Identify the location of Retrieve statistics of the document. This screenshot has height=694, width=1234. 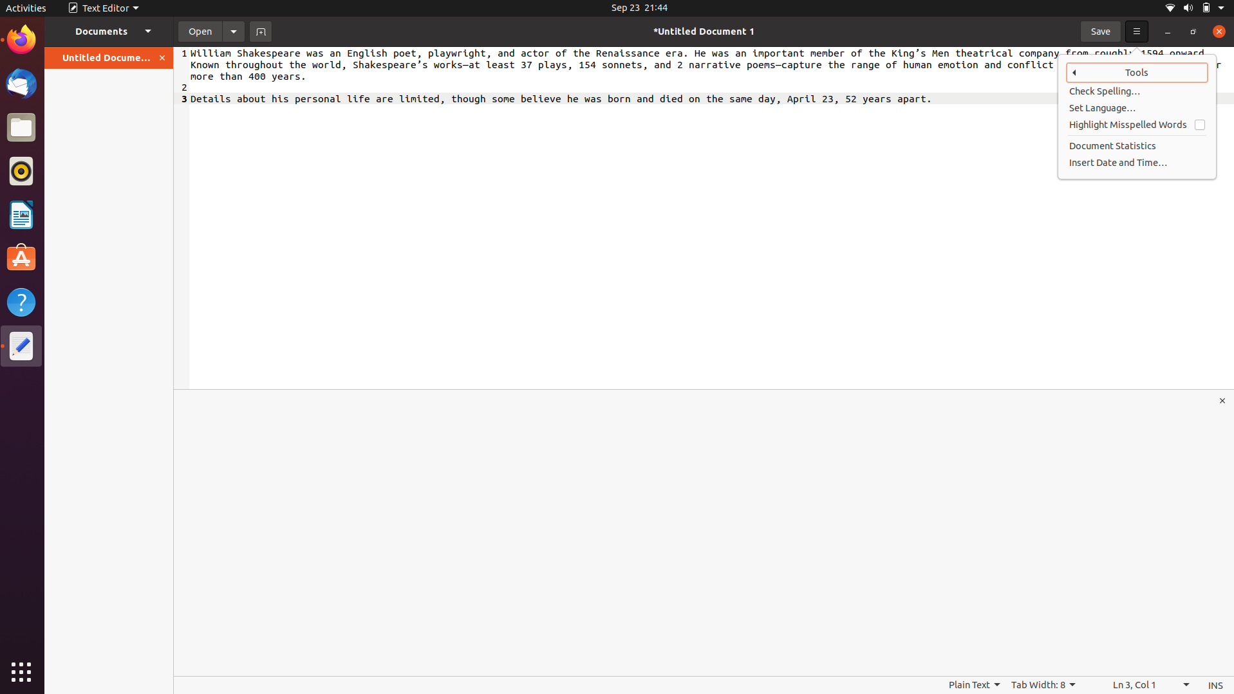
(1136, 144).